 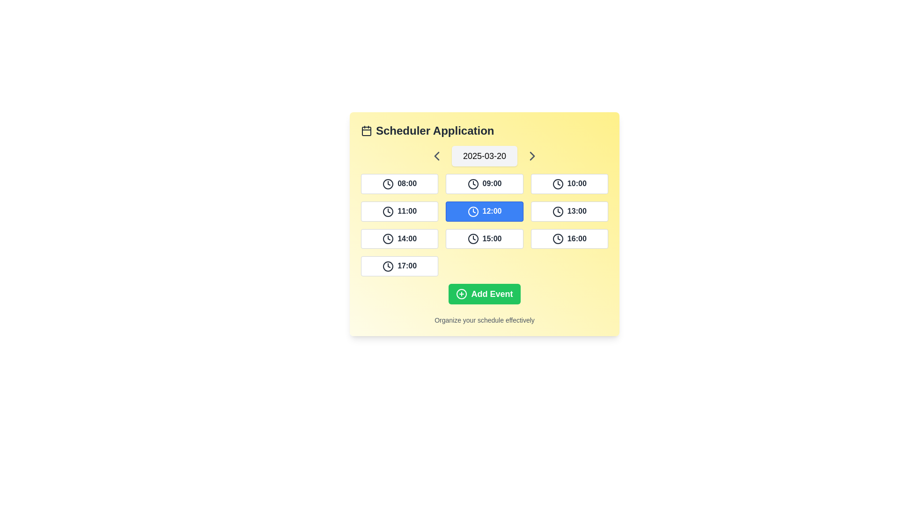 I want to click on the circular graphical clock icon representing the '13:00' time slot in the scheduler interface, so click(x=558, y=211).